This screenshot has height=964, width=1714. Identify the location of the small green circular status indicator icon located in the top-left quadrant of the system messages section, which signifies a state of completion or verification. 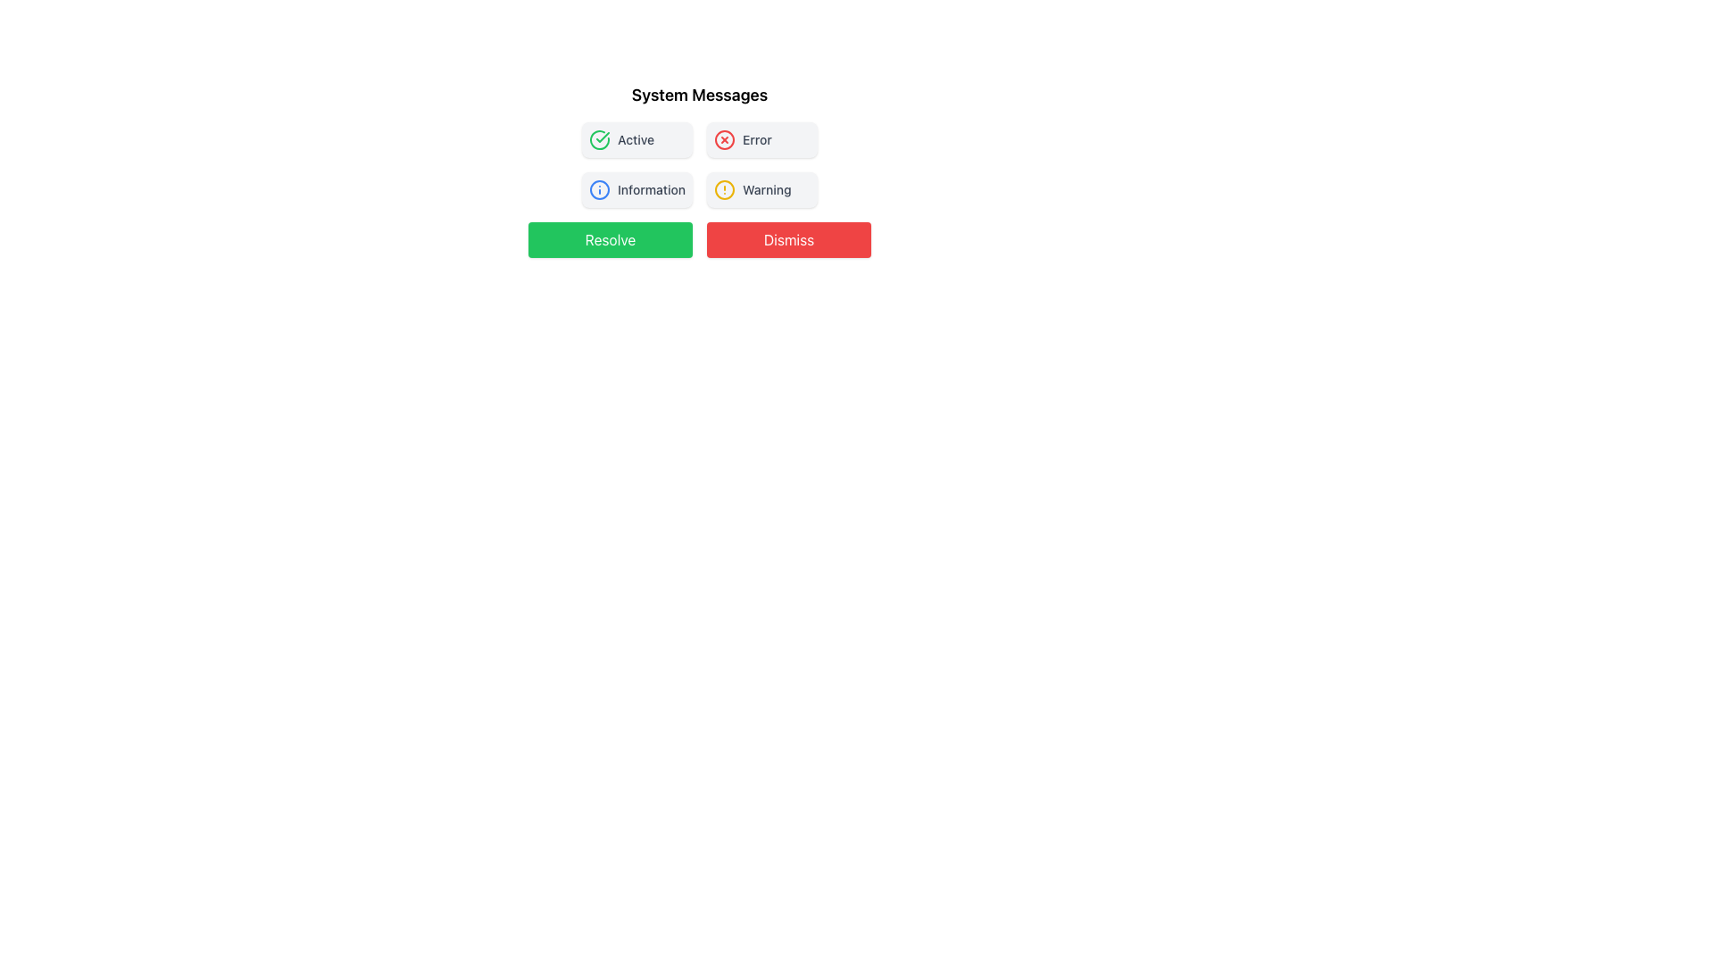
(600, 139).